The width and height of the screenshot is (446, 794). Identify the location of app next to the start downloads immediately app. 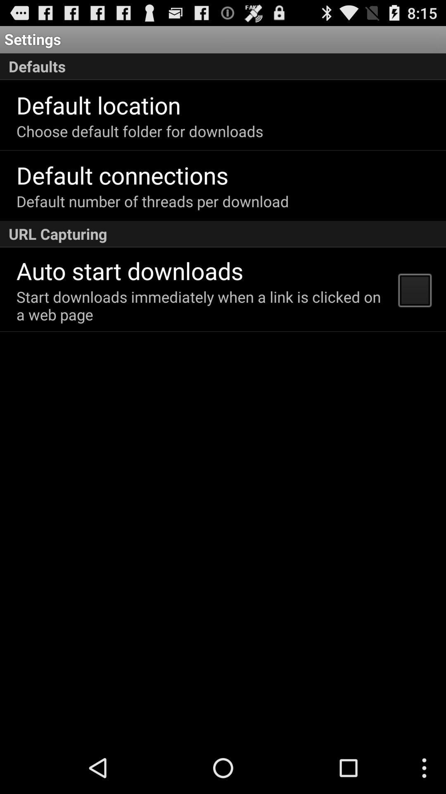
(414, 289).